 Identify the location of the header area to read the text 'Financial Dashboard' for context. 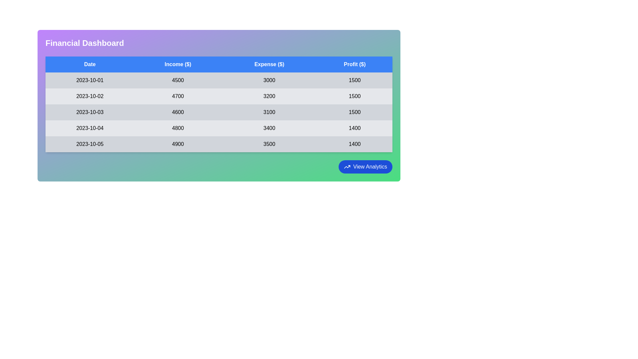
(219, 43).